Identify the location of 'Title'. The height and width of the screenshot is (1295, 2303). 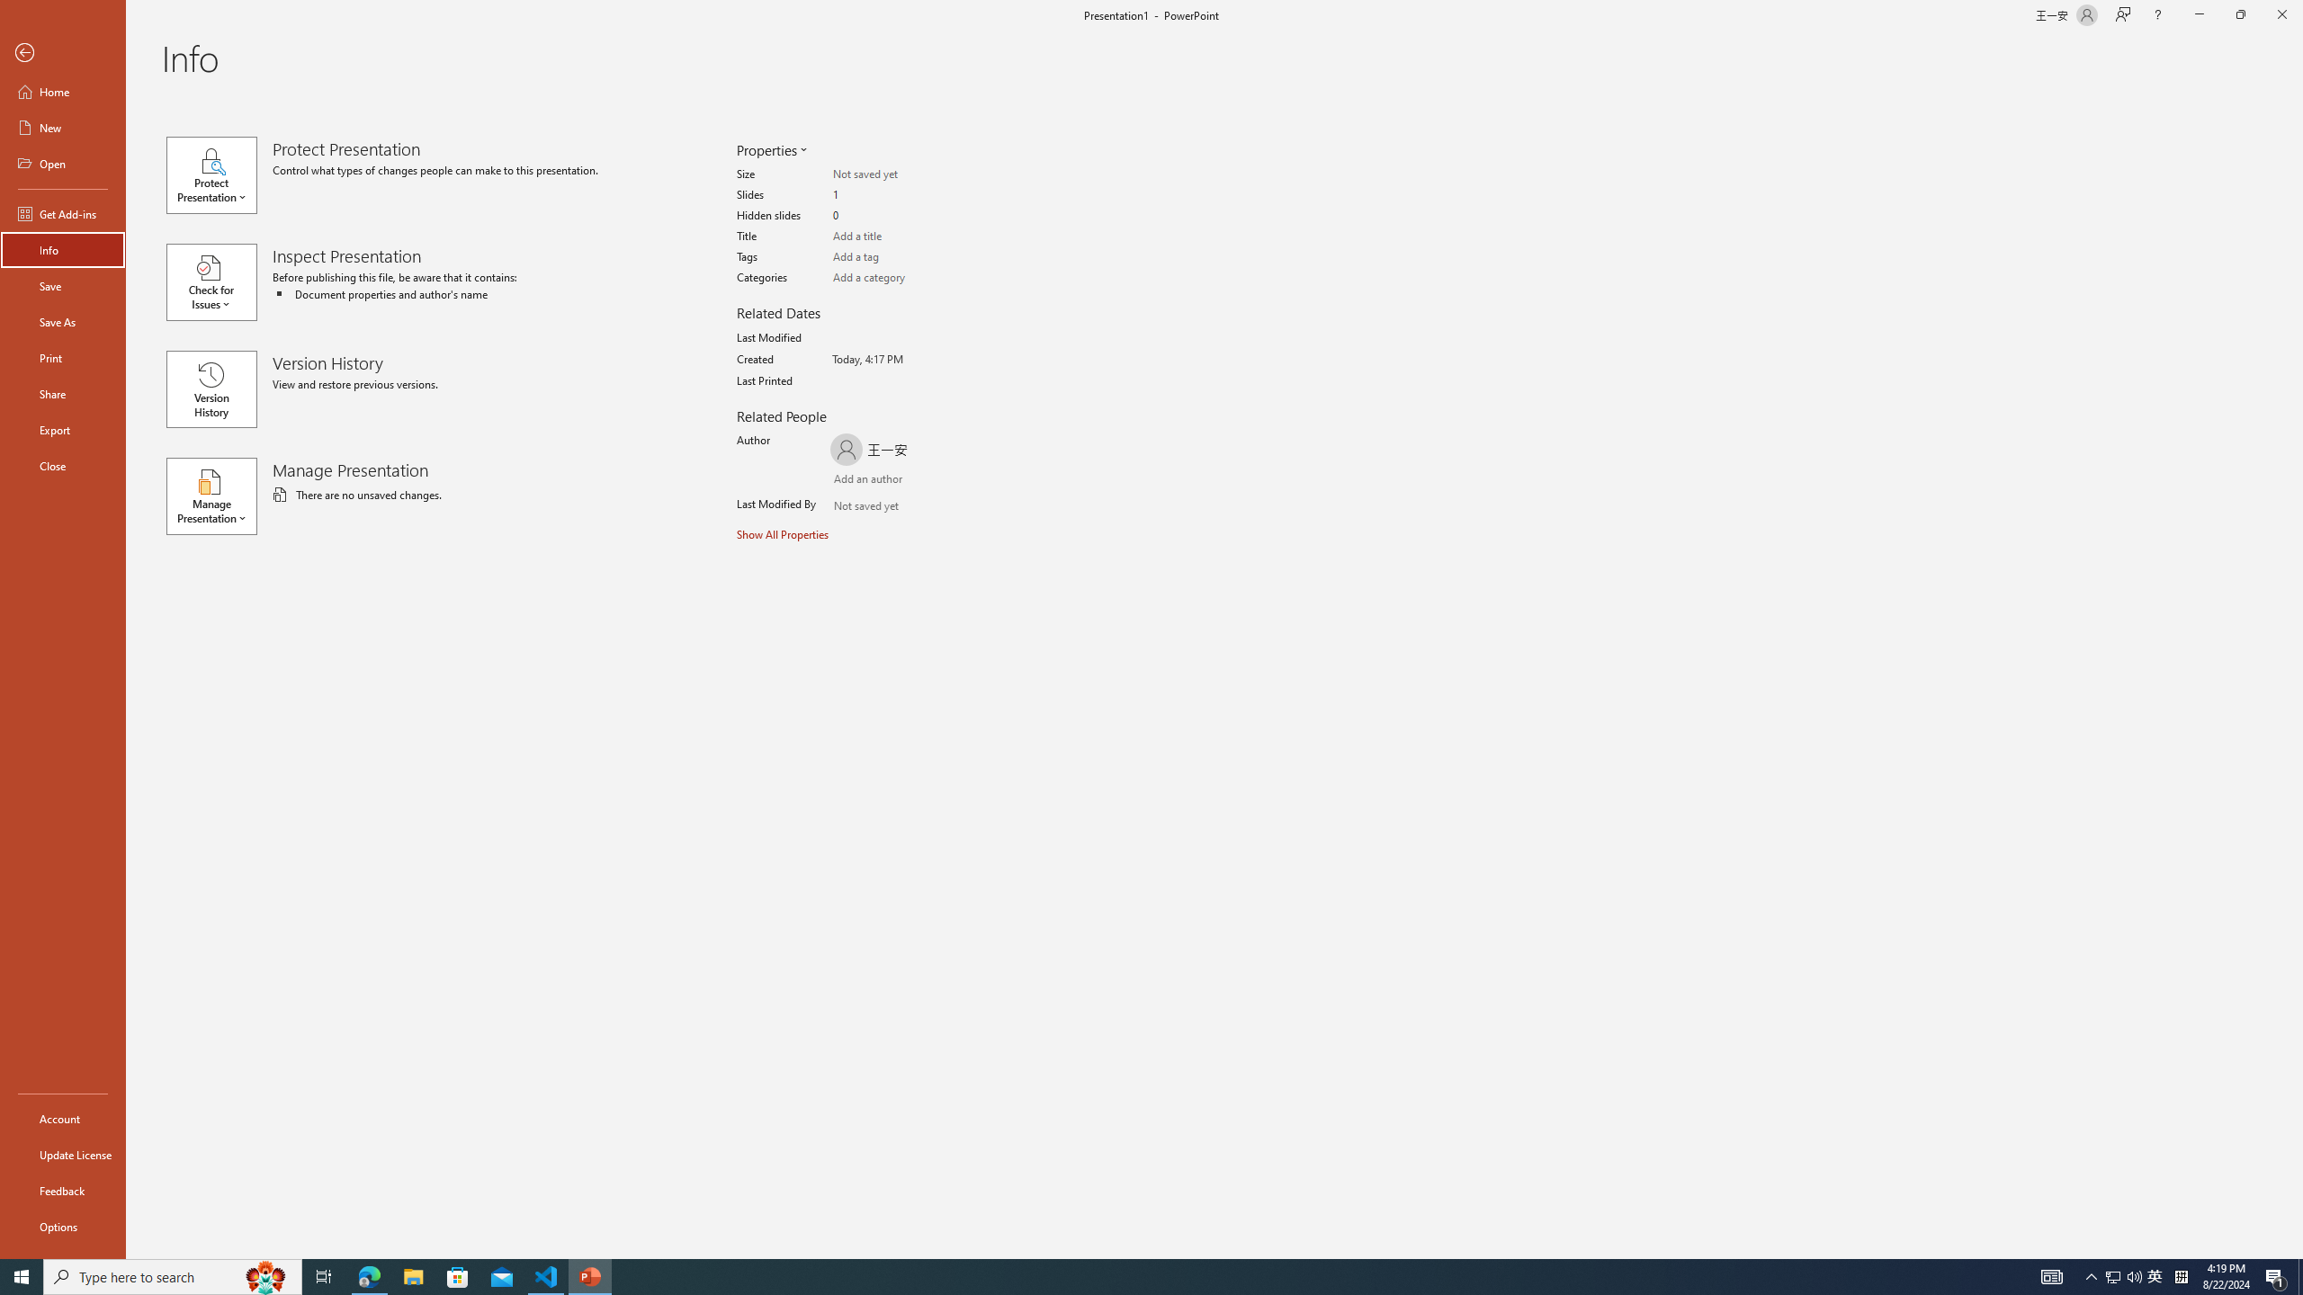
(902, 237).